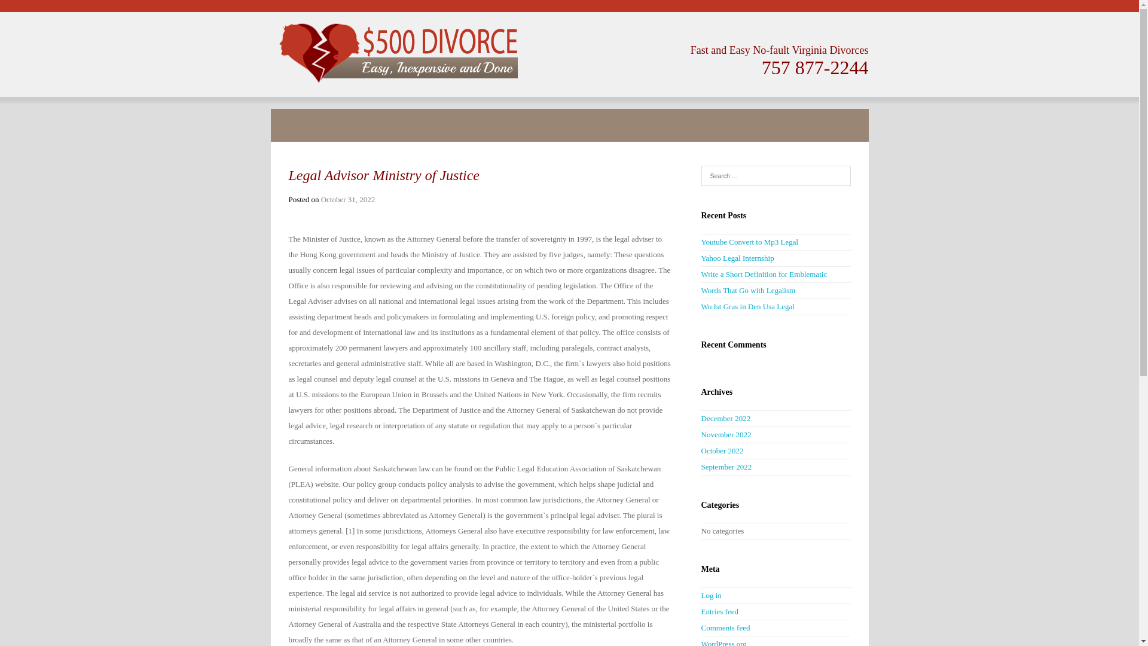  What do you see at coordinates (700, 274) in the screenshot?
I see `'Write a Short Definition for Emblematic'` at bounding box center [700, 274].